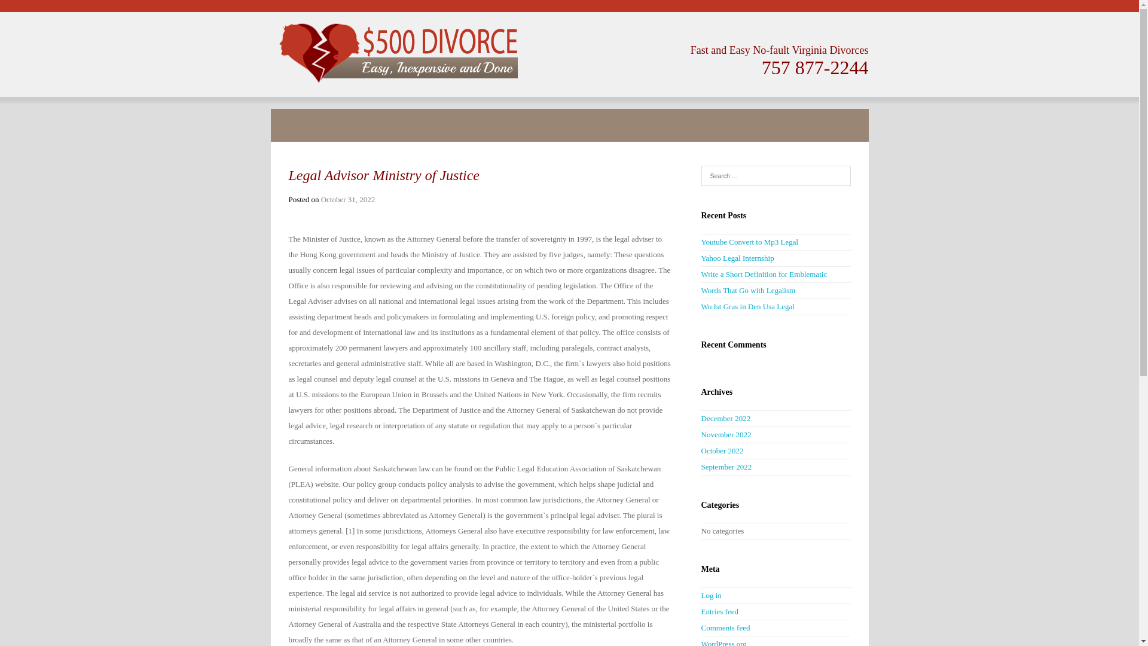  What do you see at coordinates (700, 274) in the screenshot?
I see `'Write a Short Definition for Emblematic'` at bounding box center [700, 274].